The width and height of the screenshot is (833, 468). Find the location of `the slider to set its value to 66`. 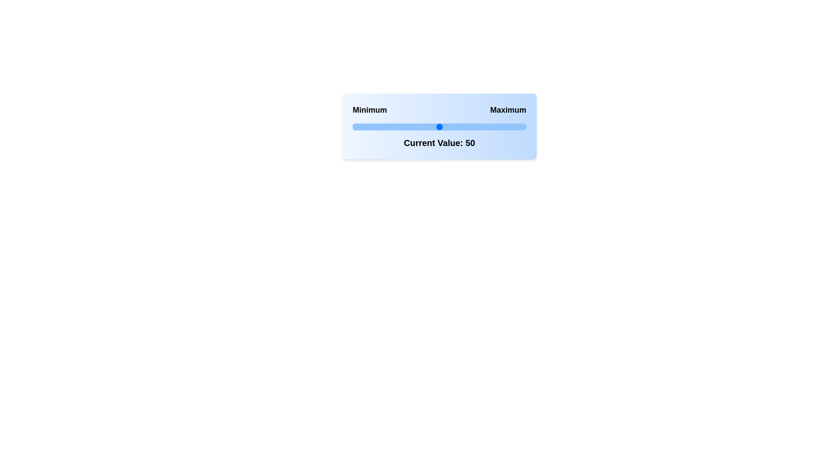

the slider to set its value to 66 is located at coordinates (466, 127).